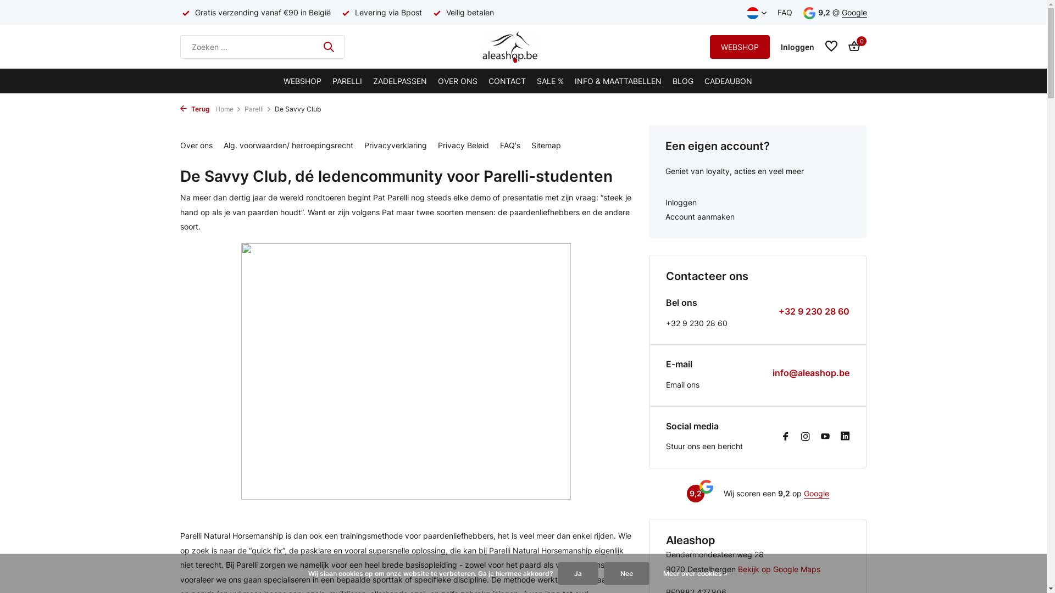 This screenshot has height=593, width=1055. I want to click on 'FAQ', so click(784, 12).